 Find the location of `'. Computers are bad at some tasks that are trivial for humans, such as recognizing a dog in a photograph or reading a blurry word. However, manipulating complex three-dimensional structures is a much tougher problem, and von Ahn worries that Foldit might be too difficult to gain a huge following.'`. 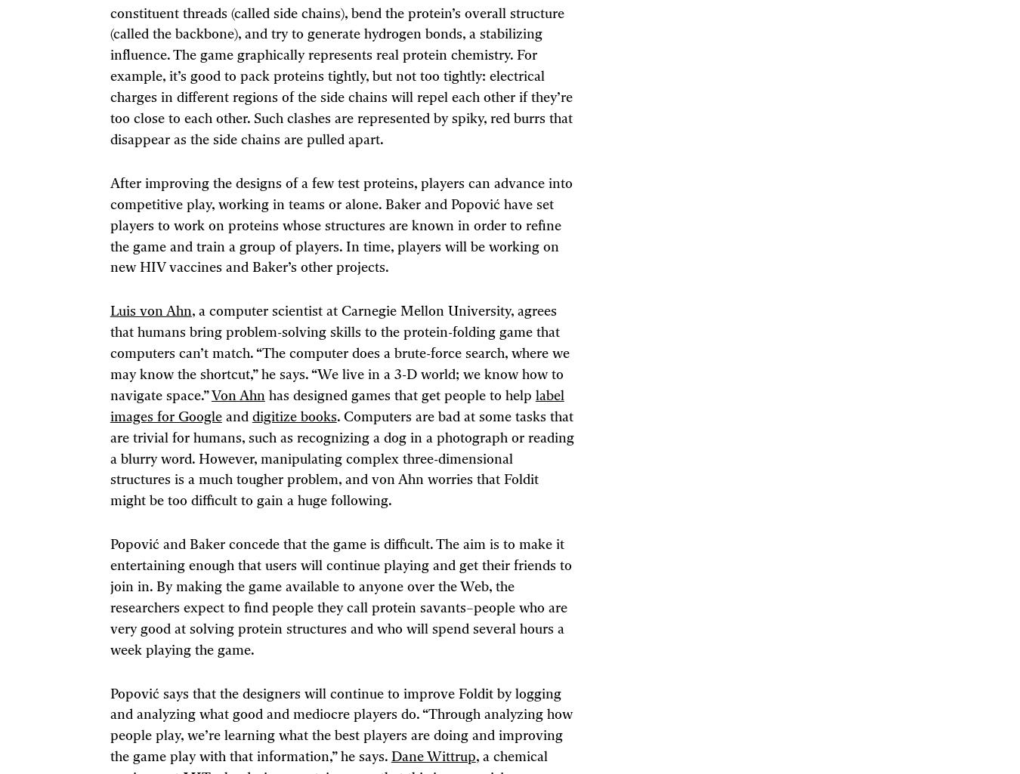

'. Computers are bad at some tasks that are trivial for humans, such as recognizing a dog in a photograph or reading a blurry word. However, manipulating complex three-dimensional structures is a much tougher problem, and von Ahn worries that Foldit might be too difficult to gain a huge following.' is located at coordinates (340, 458).